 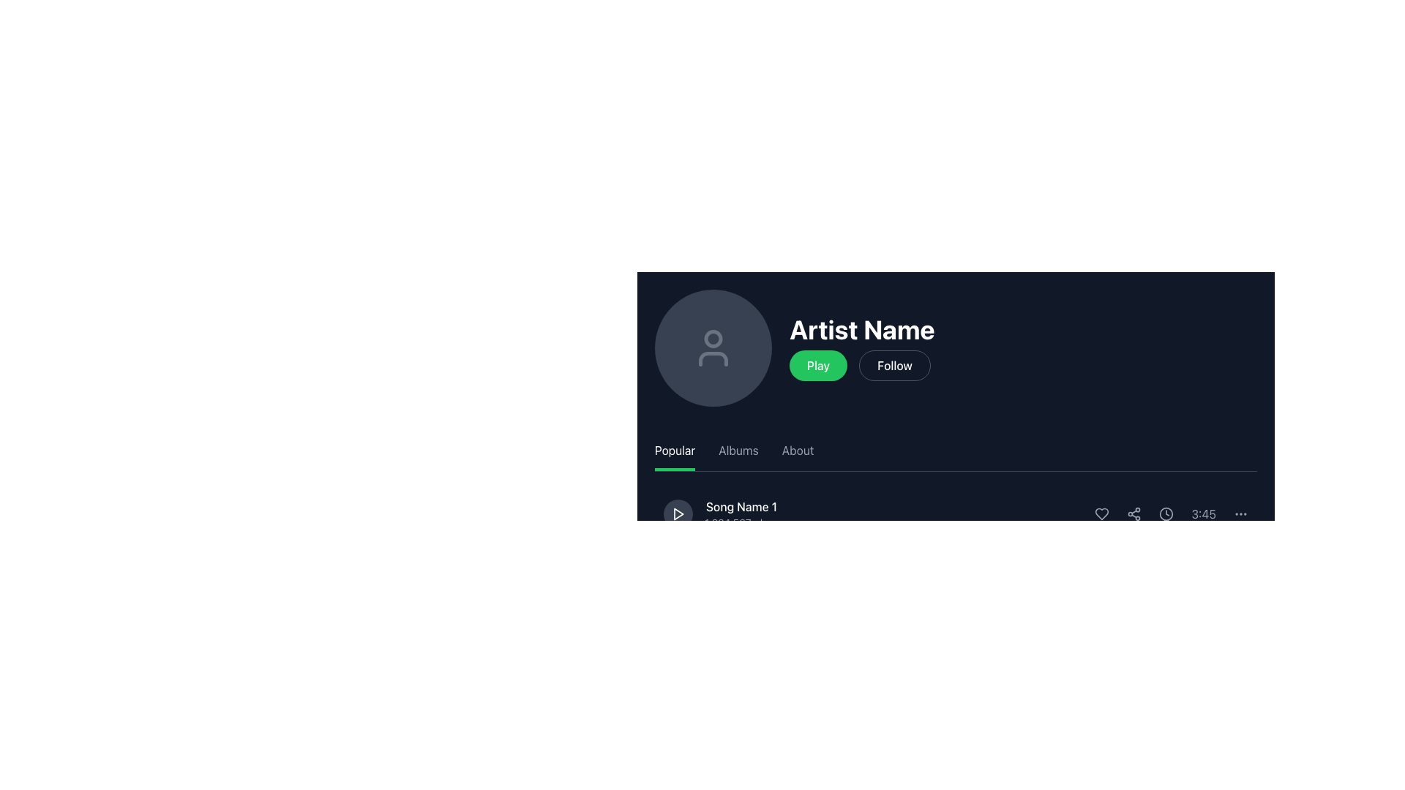 I want to click on the play button icon located near the left side of the media item list, so click(x=678, y=513).